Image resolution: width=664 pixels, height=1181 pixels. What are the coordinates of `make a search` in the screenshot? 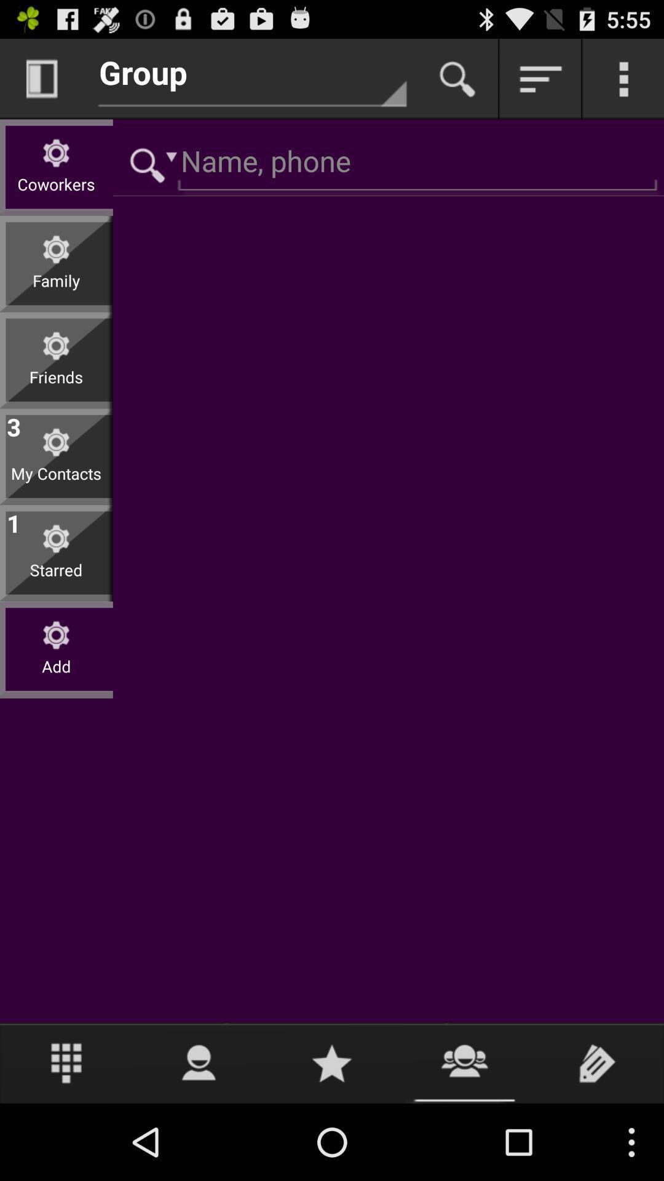 It's located at (457, 78).